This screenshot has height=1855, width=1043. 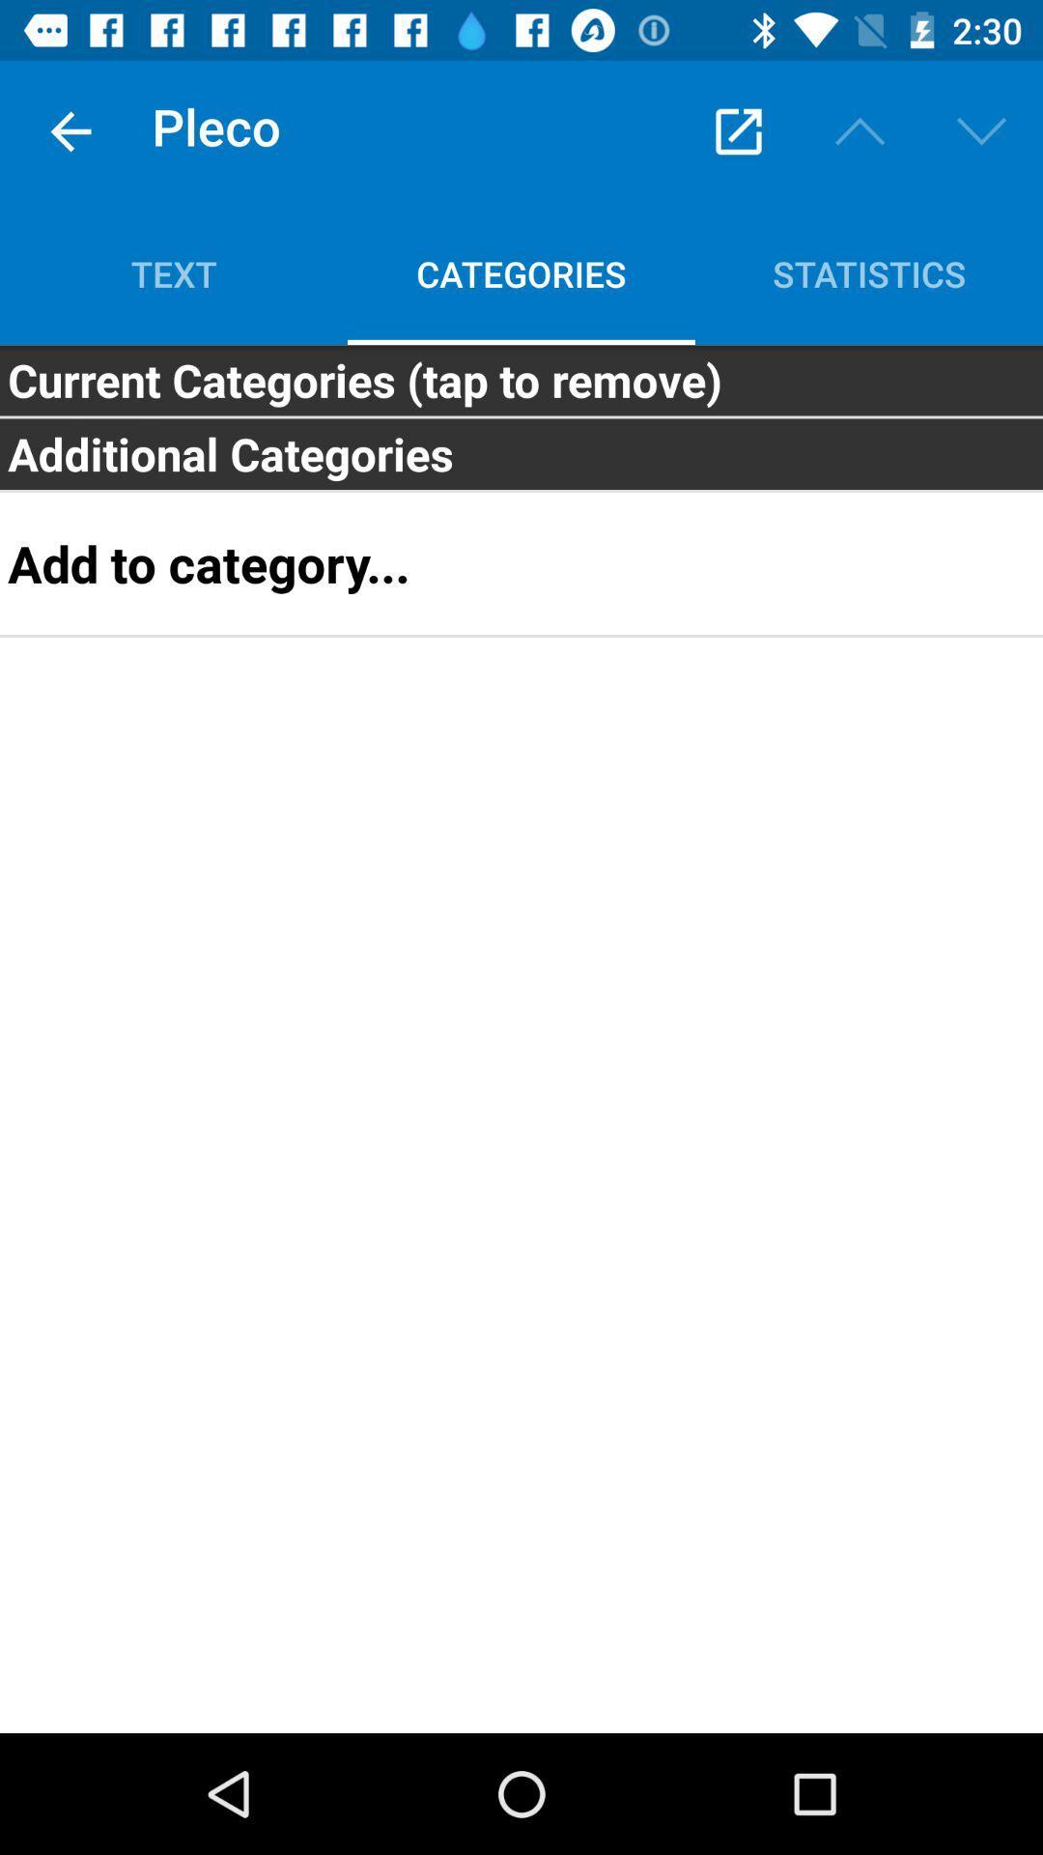 What do you see at coordinates (174, 272) in the screenshot?
I see `text icon` at bounding box center [174, 272].